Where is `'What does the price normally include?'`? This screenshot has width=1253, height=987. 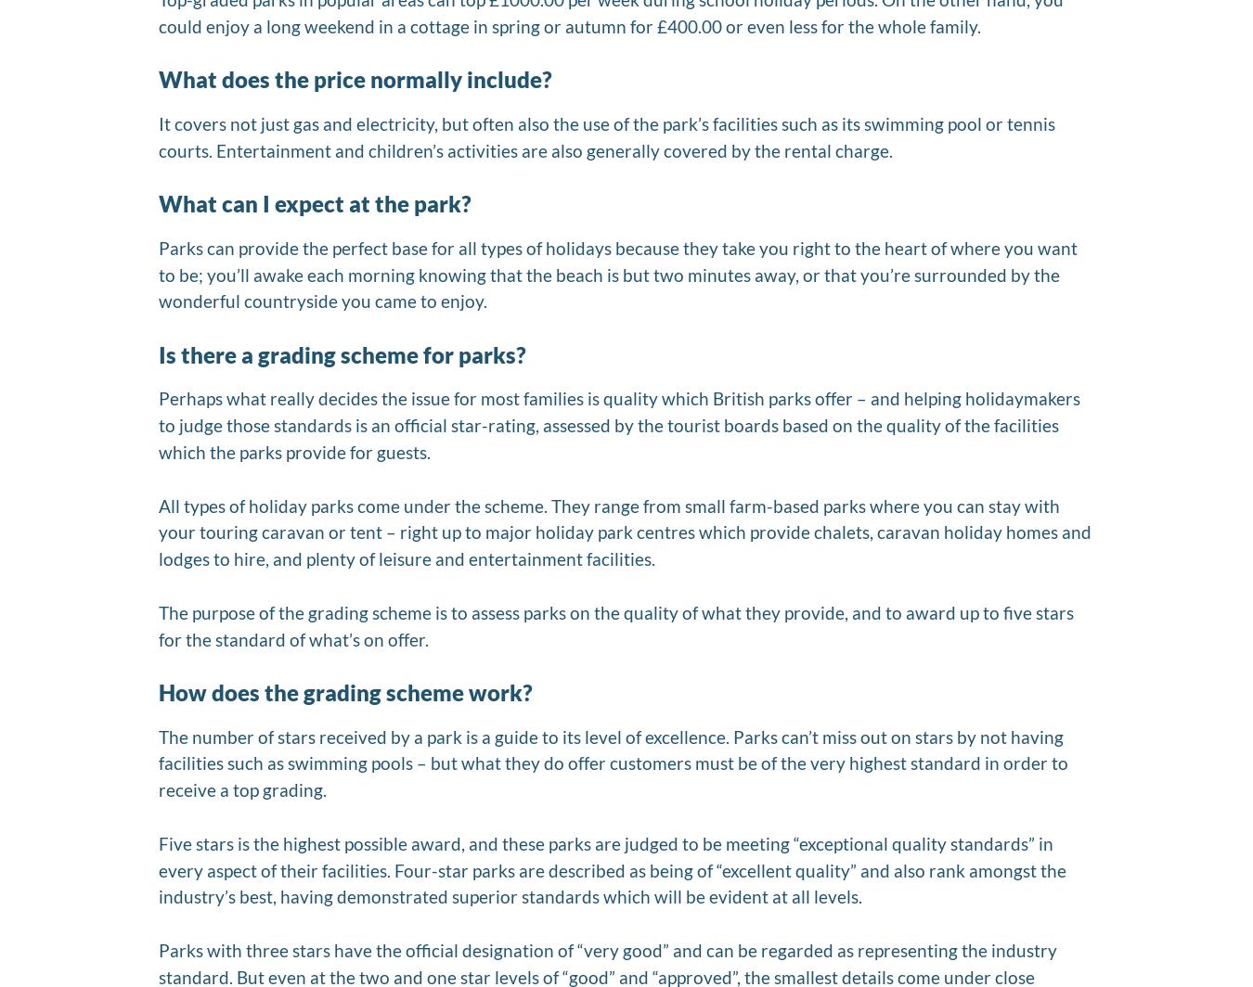 'What does the price normally include?' is located at coordinates (355, 79).